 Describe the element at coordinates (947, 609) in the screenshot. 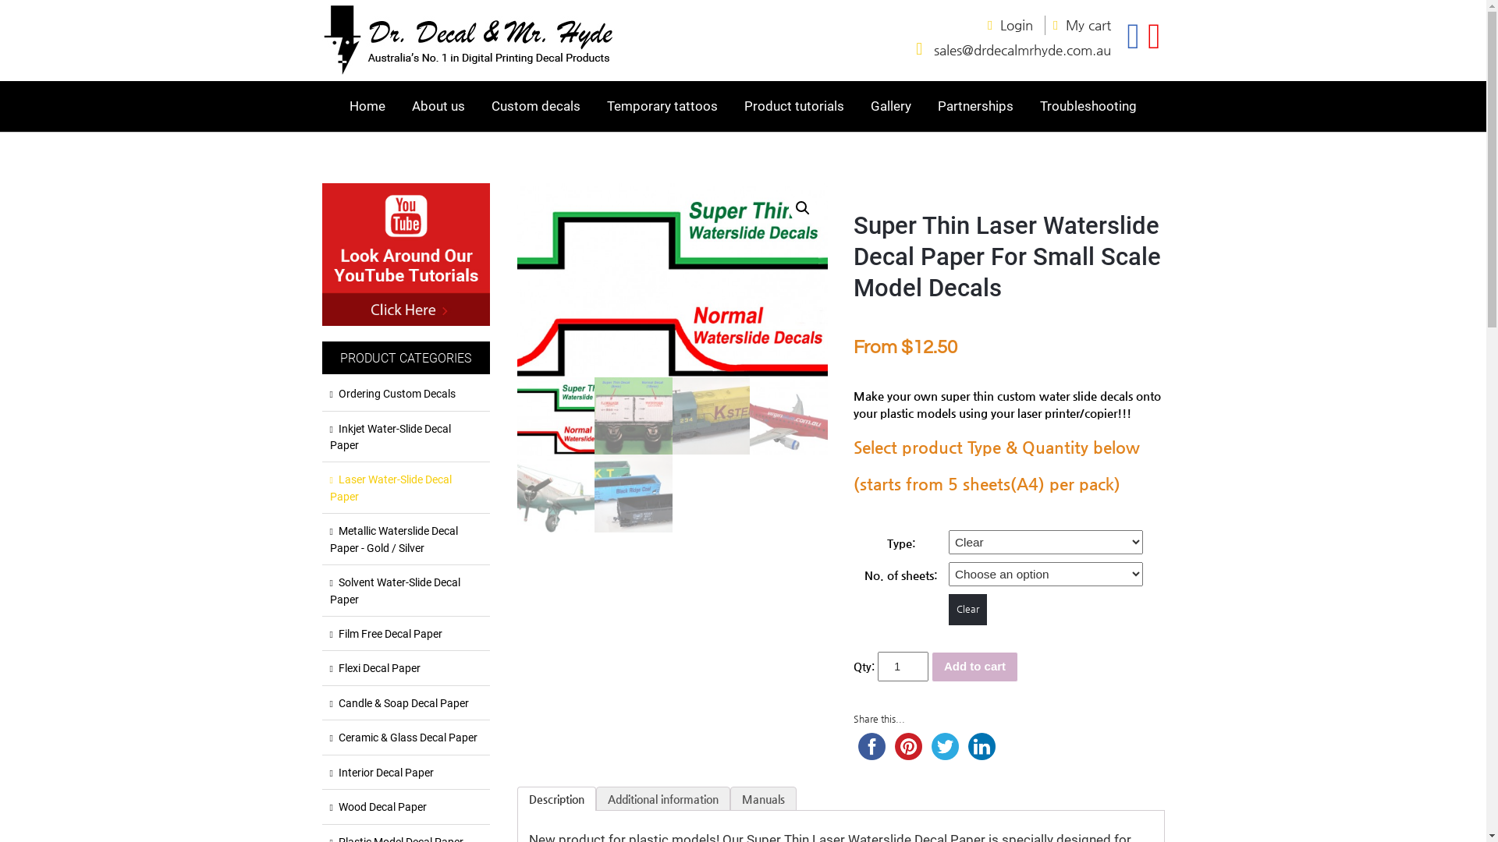

I see `'Clear'` at that location.